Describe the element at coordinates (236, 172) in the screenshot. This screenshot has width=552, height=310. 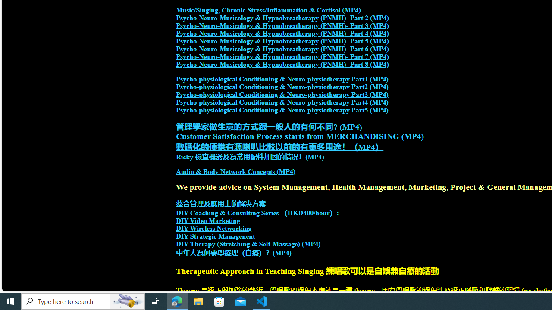
I see `'Audio & Body Network Concepts (MP4)'` at that location.